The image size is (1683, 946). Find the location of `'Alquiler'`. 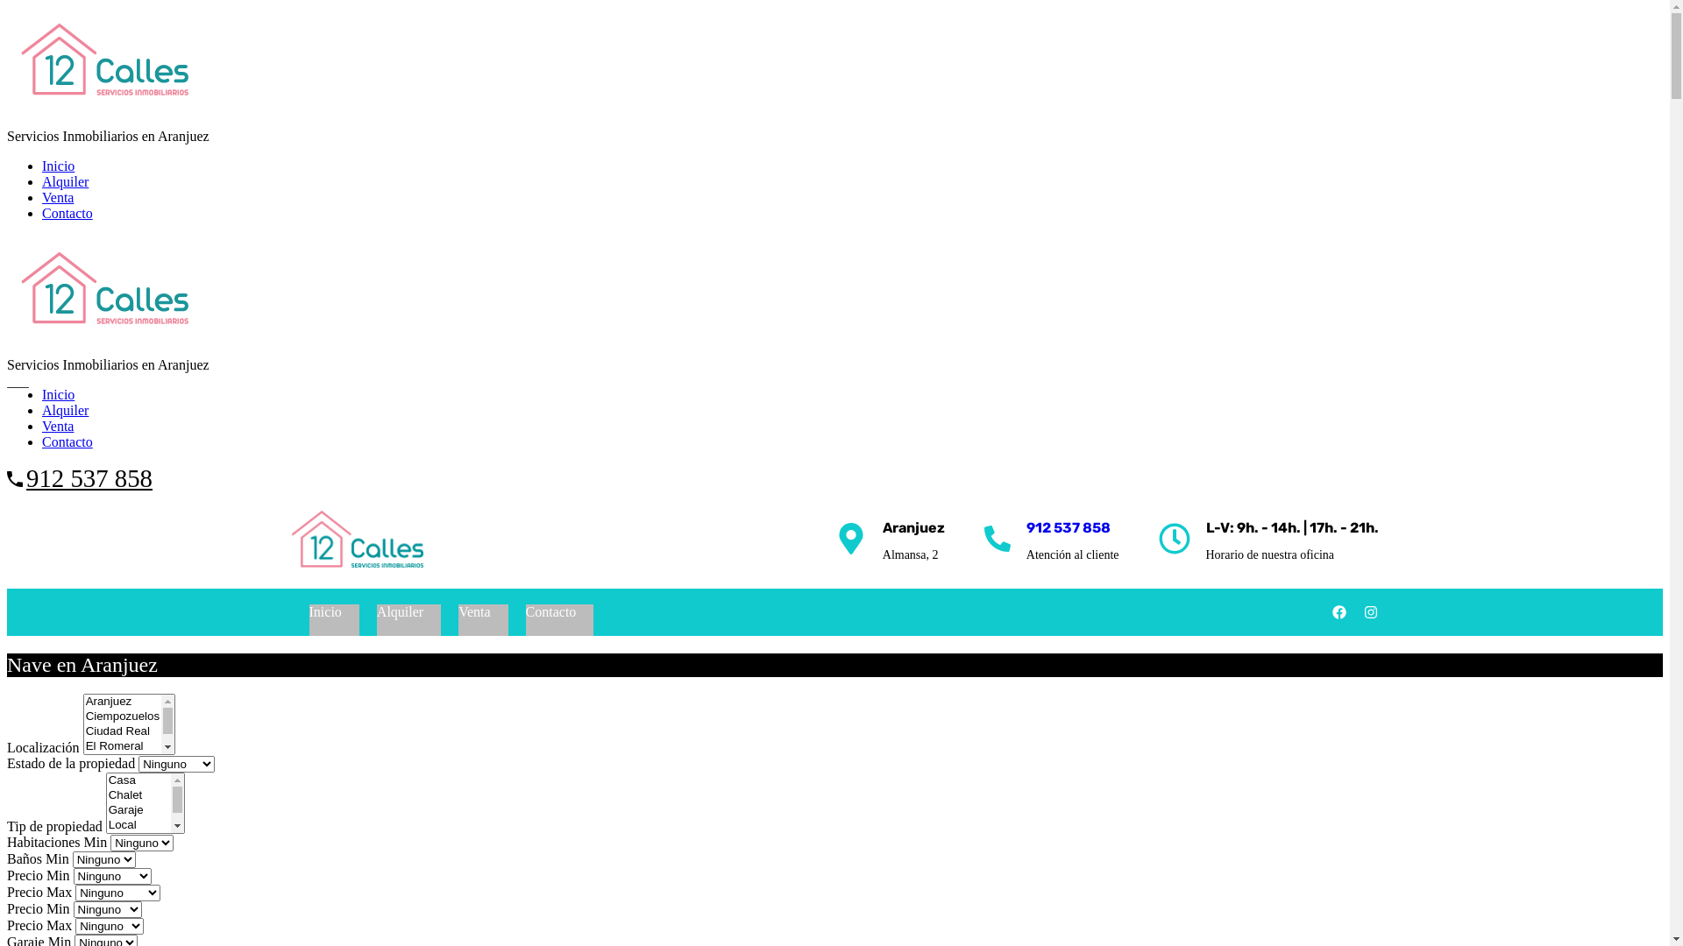

'Alquiler' is located at coordinates (399, 611).